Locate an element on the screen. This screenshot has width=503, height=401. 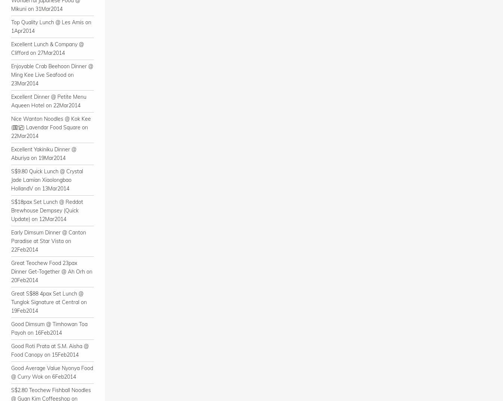
'Enjoyable Crab Beehoon Dinner @ Ming Kee Live Seafood on 23Mar2014' is located at coordinates (10, 74).